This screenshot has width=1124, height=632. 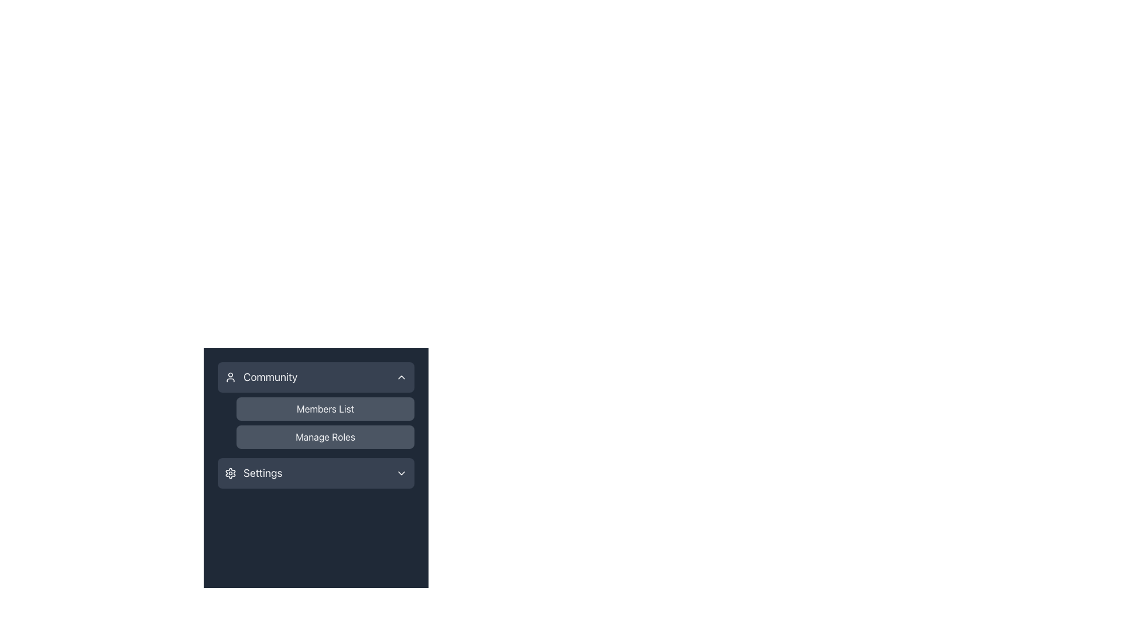 I want to click on the 'Settings' icon located in the lower part of the menu, so click(x=230, y=473).